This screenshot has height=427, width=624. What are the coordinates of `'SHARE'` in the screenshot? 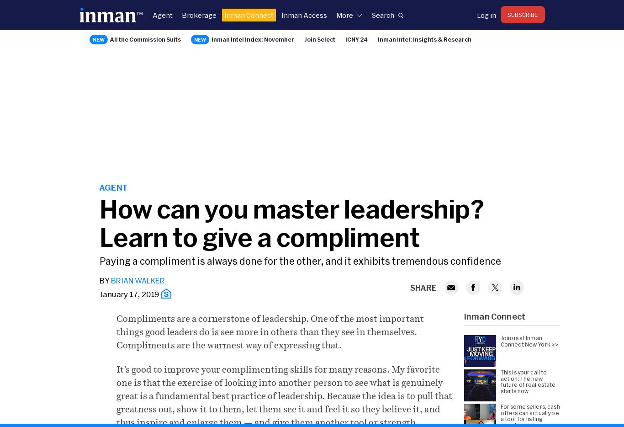 It's located at (410, 287).